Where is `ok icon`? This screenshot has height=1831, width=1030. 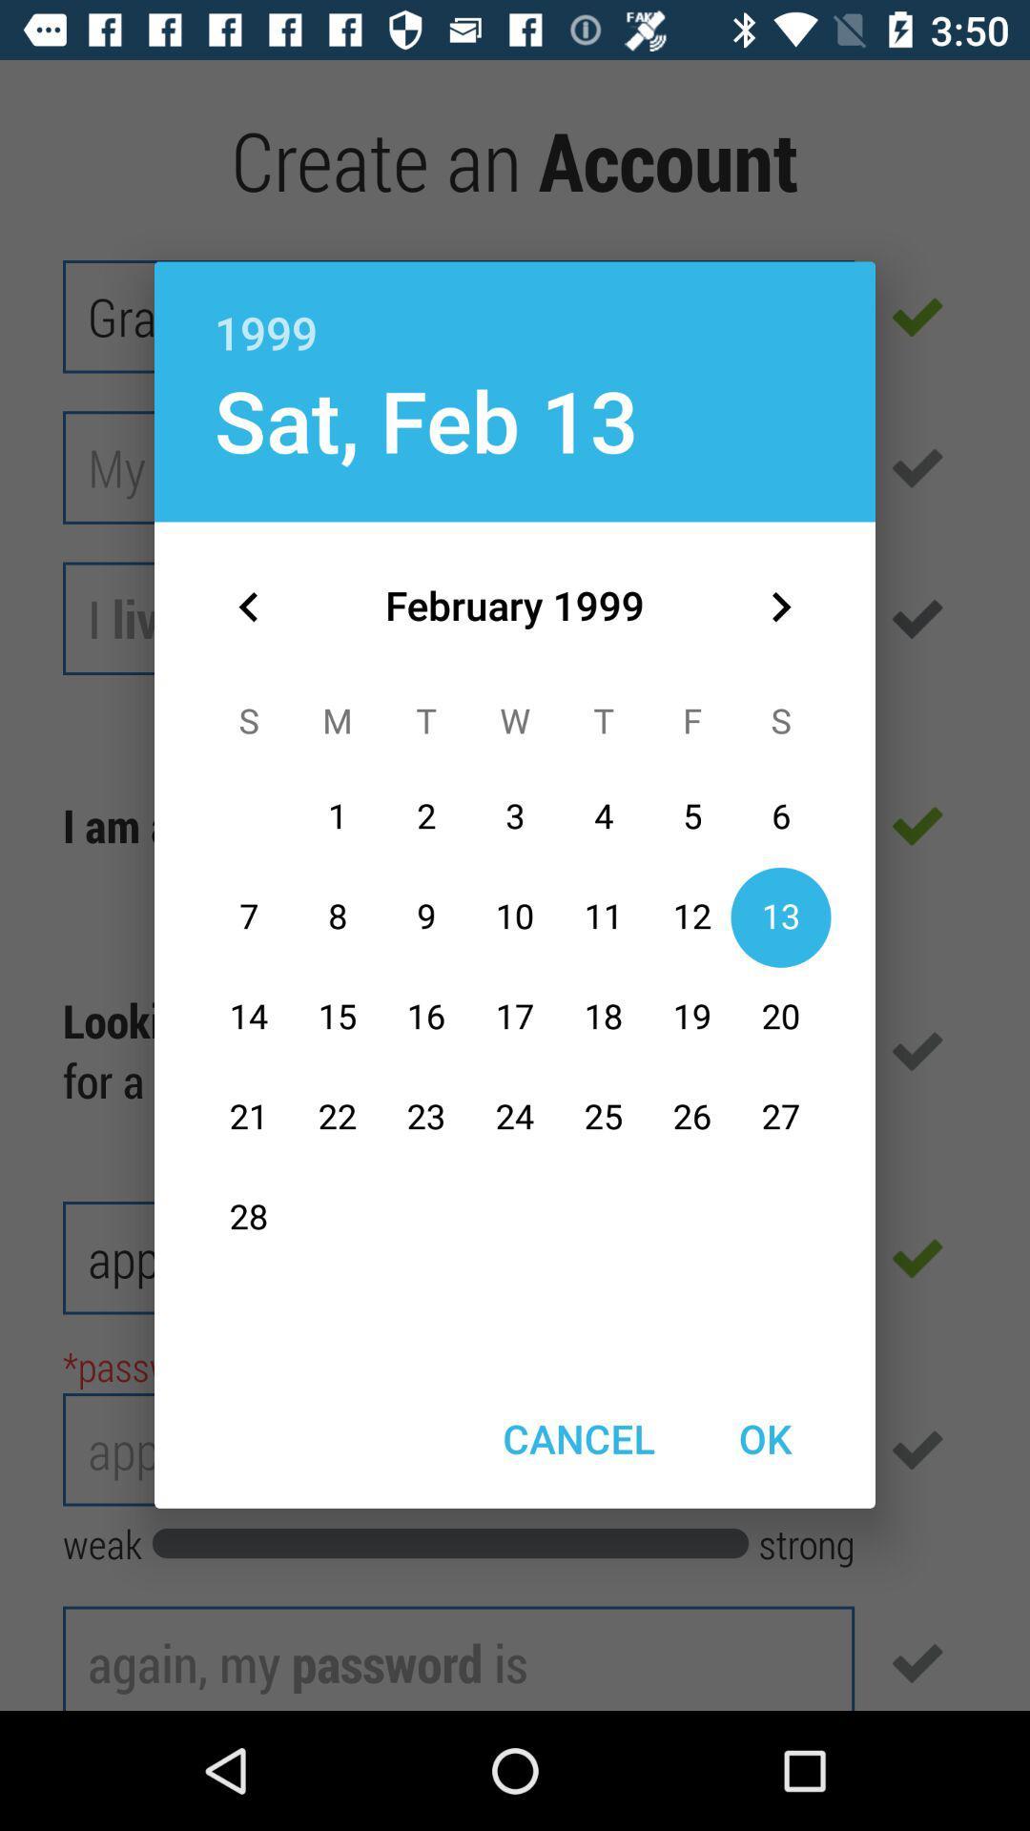
ok icon is located at coordinates (764, 1438).